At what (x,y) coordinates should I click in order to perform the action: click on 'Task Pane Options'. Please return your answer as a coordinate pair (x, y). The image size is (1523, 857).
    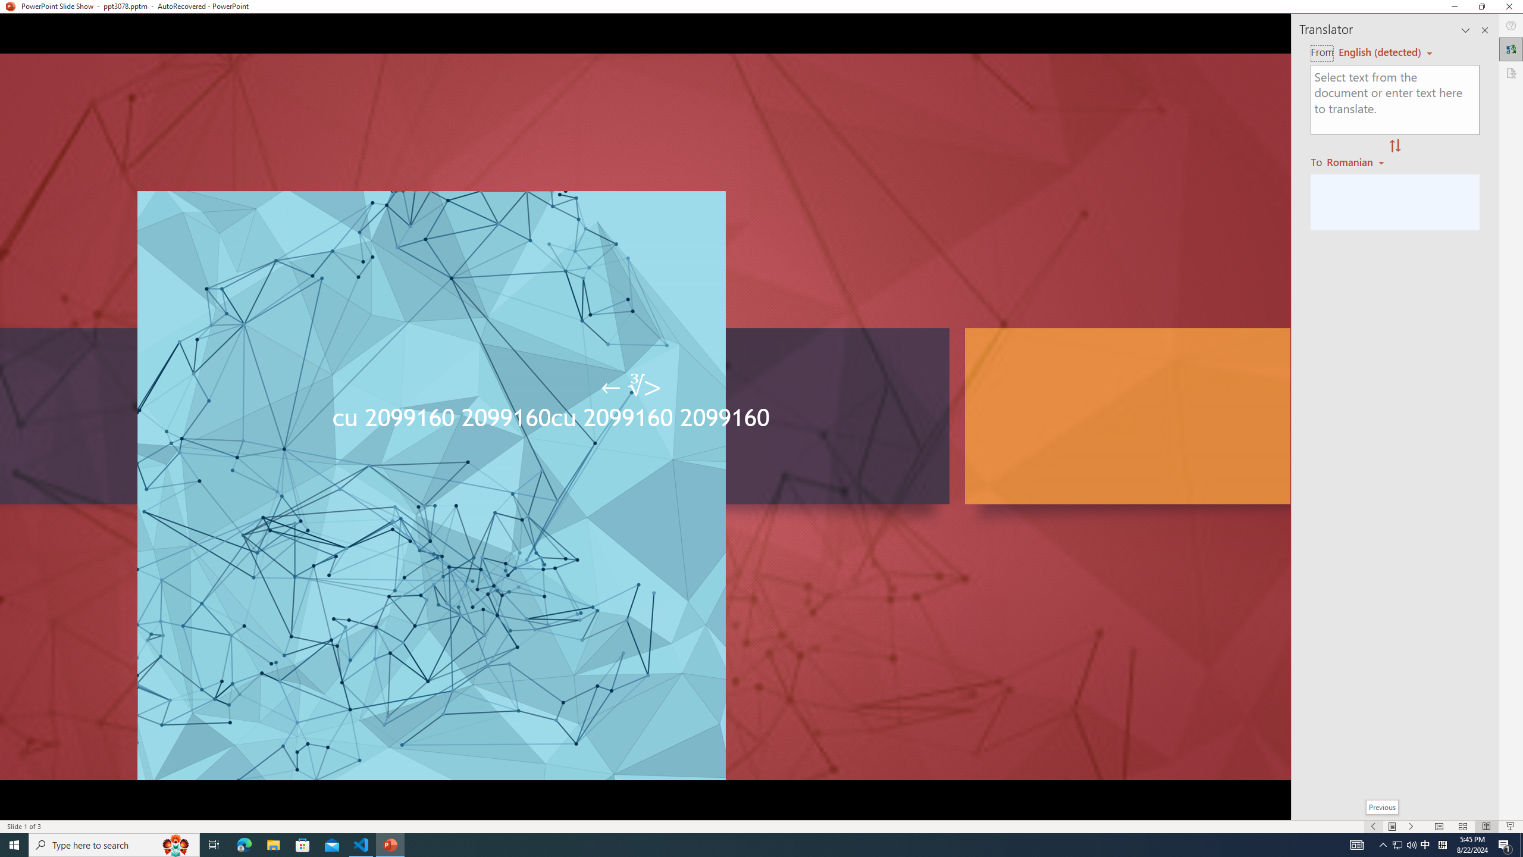
    Looking at the image, I should click on (1465, 30).